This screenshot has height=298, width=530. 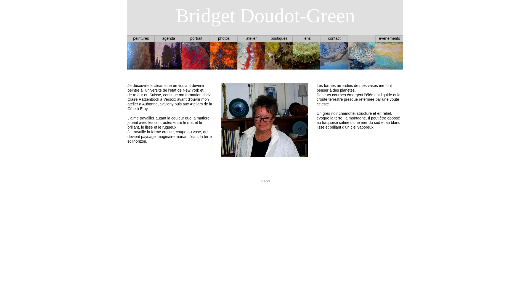 What do you see at coordinates (196, 38) in the screenshot?
I see `'portrait'` at bounding box center [196, 38].